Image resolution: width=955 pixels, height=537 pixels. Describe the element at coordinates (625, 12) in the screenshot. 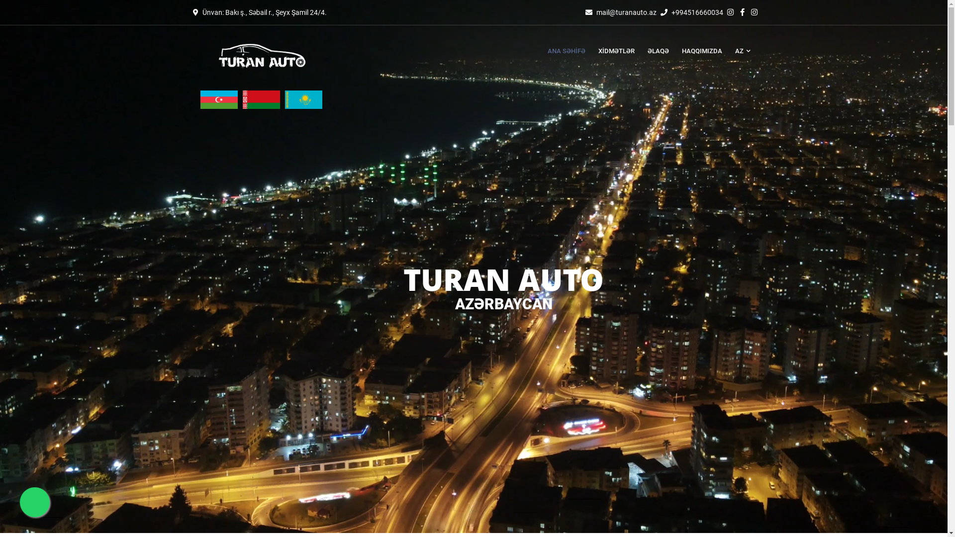

I see `'mail@turanauto.az'` at that location.